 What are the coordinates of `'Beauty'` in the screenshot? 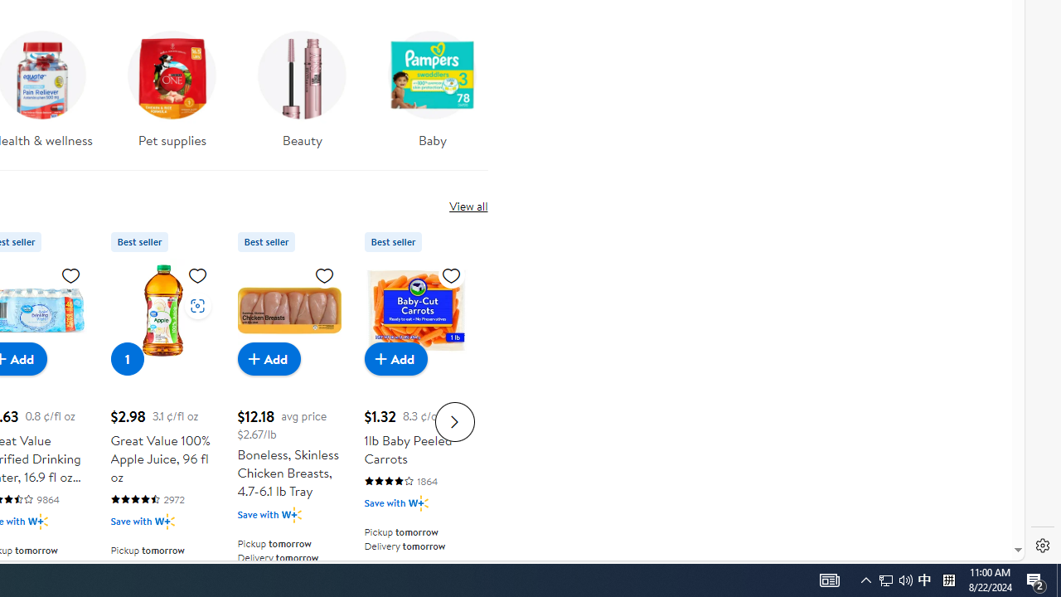 It's located at (303, 84).